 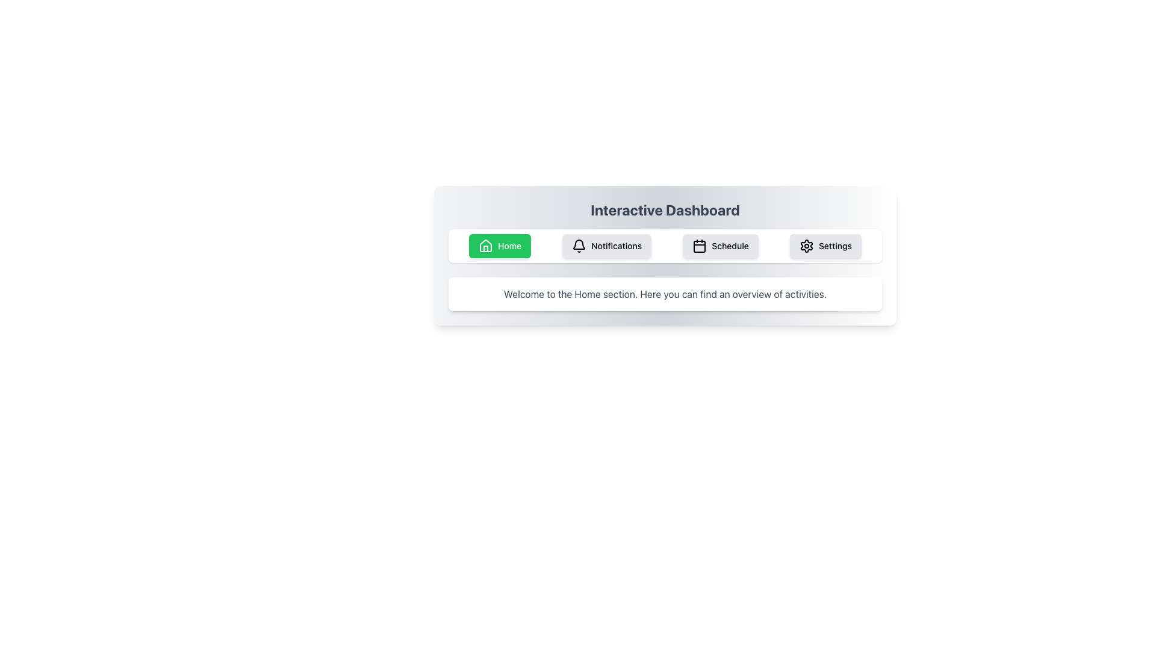 I want to click on the house icon located in the navigation bar labeled 'Home', which is represented by a stylized SVG graphic of a house, so click(x=485, y=245).